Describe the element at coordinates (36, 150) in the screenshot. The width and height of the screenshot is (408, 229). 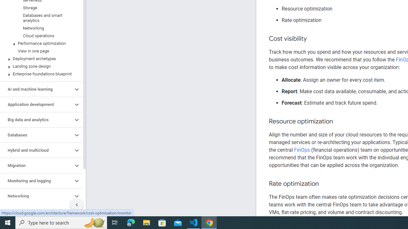
I see `'Hybrid and multicloud'` at that location.